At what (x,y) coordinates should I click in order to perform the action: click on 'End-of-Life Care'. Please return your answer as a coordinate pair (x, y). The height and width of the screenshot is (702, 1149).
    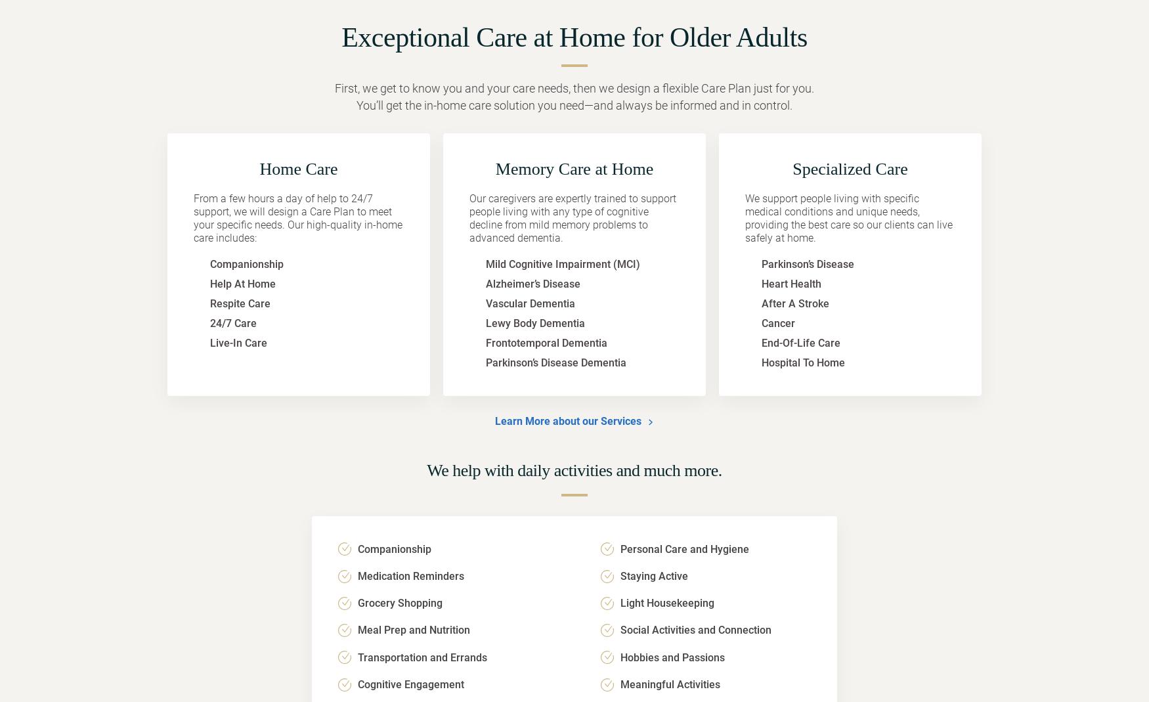
    Looking at the image, I should click on (800, 342).